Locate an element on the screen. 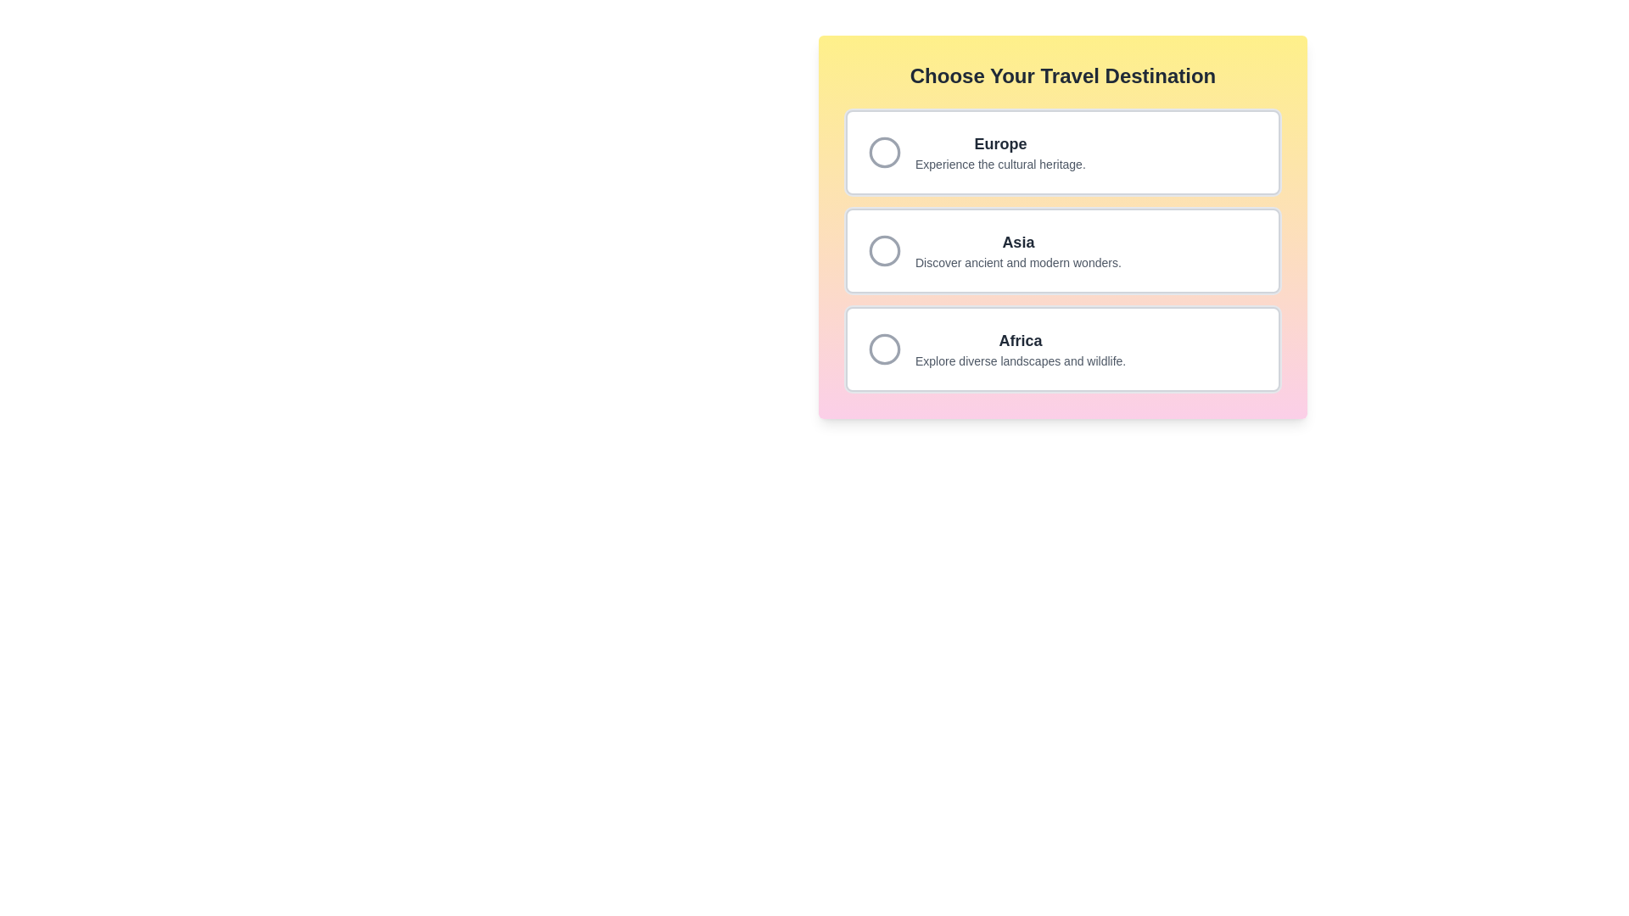 This screenshot has height=916, width=1629. the selection indicator circle for the 'Africa' travel destination option, which is the third circle in a vertical list of destinations, indicating the selection visually is located at coordinates (883, 349).